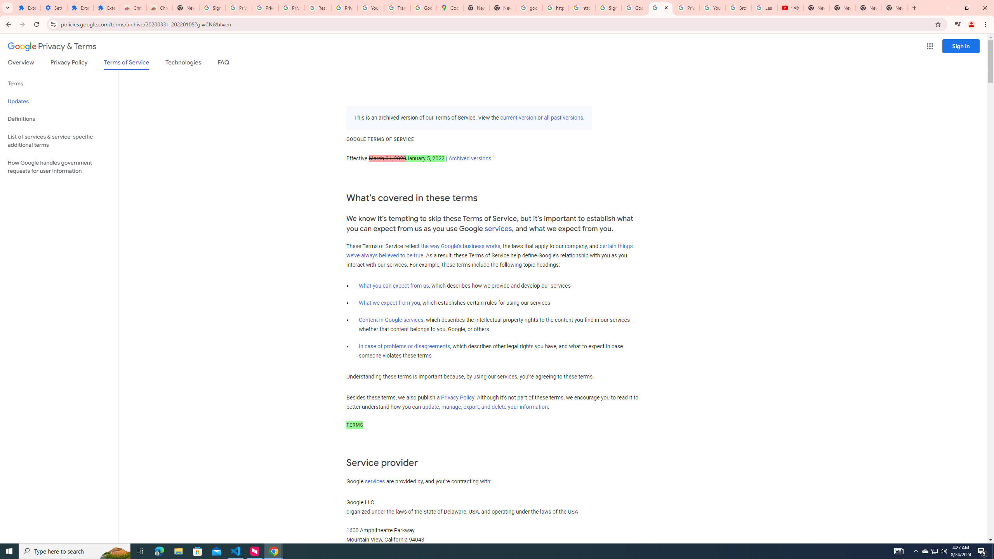 The height and width of the screenshot is (559, 994). What do you see at coordinates (391, 319) in the screenshot?
I see `'Content in Google services'` at bounding box center [391, 319].